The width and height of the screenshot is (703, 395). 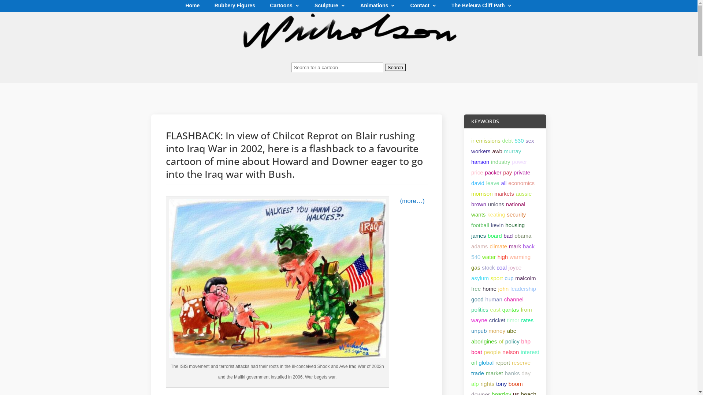 What do you see at coordinates (482, 193) in the screenshot?
I see `'morrison'` at bounding box center [482, 193].